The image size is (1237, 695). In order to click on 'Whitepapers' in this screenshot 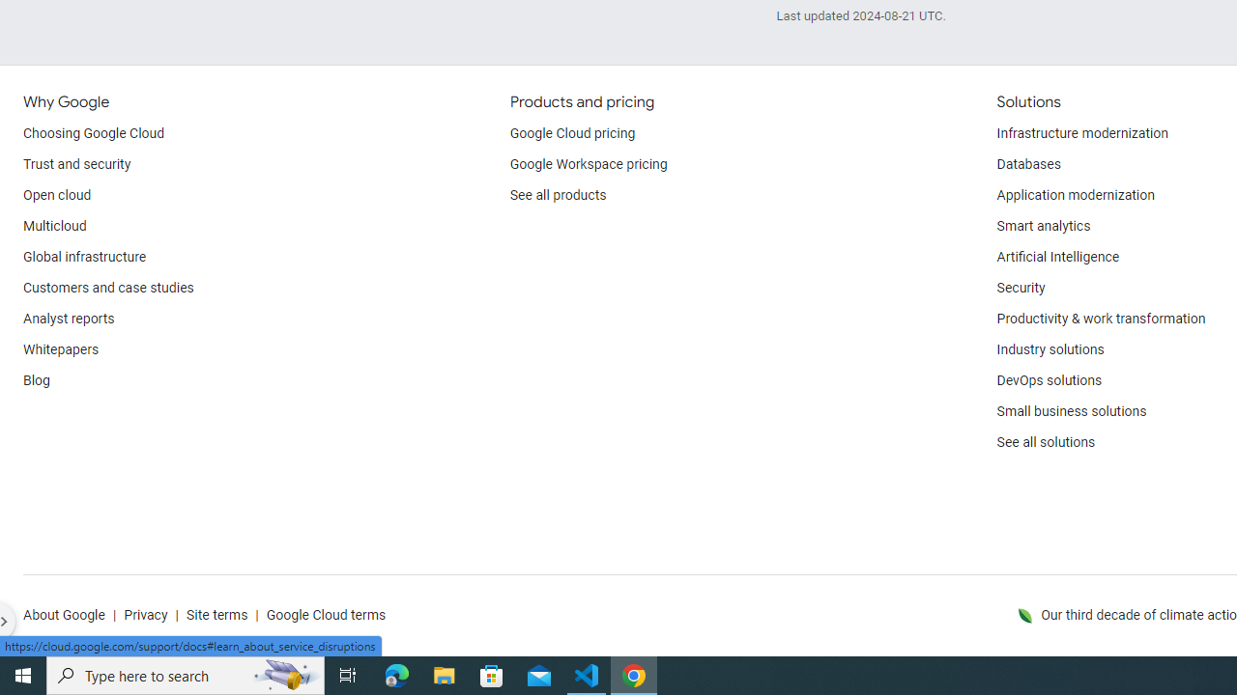, I will do `click(61, 349)`.